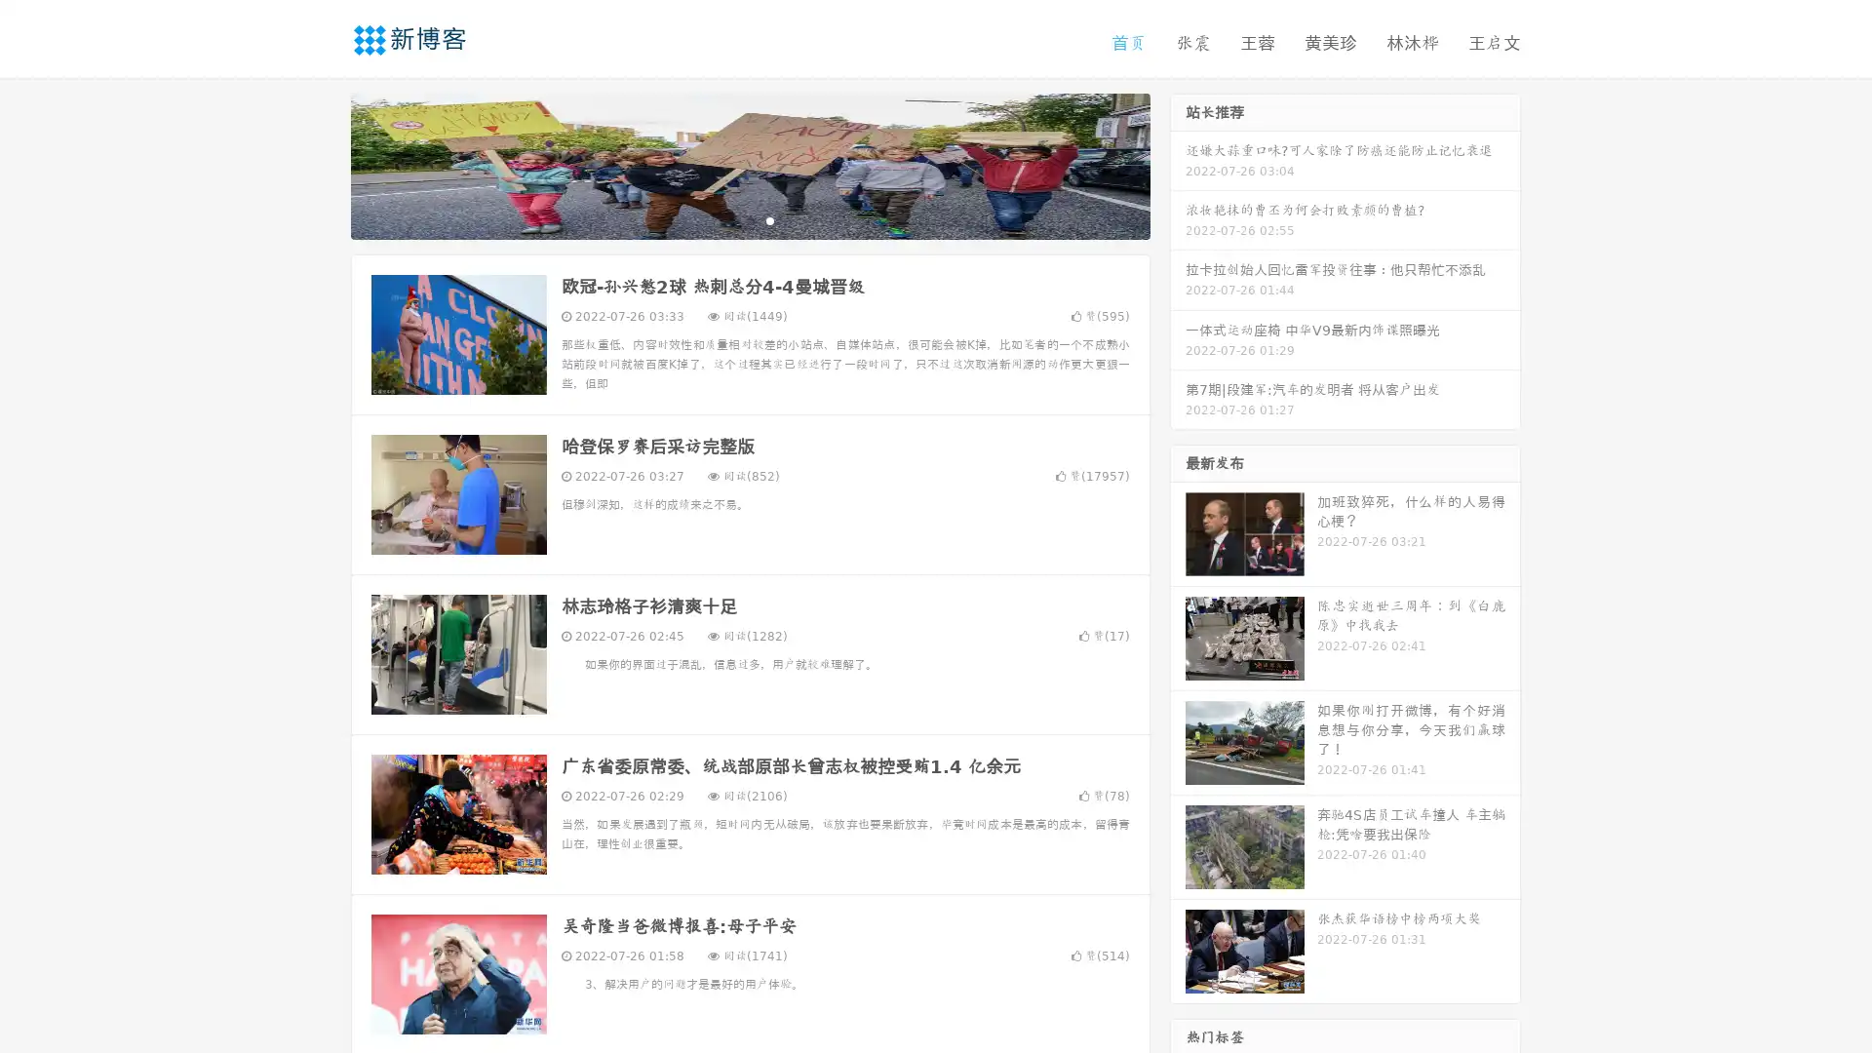  I want to click on Next slide, so click(1178, 164).